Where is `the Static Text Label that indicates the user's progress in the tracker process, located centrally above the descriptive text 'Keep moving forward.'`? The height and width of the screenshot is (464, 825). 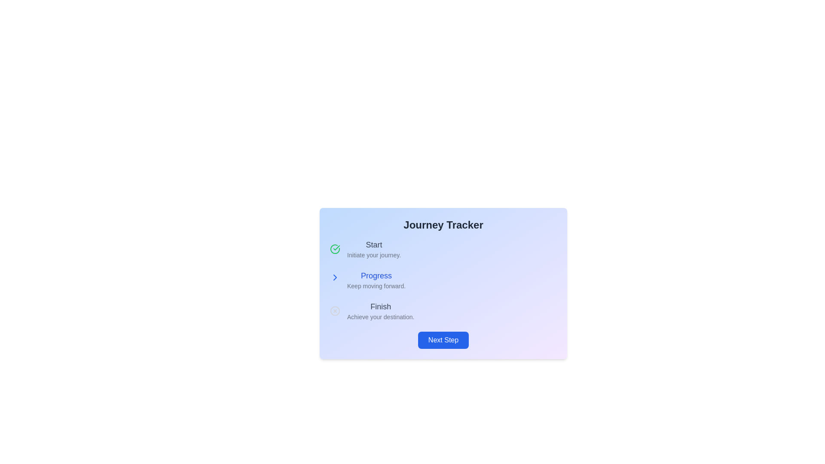 the Static Text Label that indicates the user's progress in the tracker process, located centrally above the descriptive text 'Keep moving forward.' is located at coordinates (376, 275).